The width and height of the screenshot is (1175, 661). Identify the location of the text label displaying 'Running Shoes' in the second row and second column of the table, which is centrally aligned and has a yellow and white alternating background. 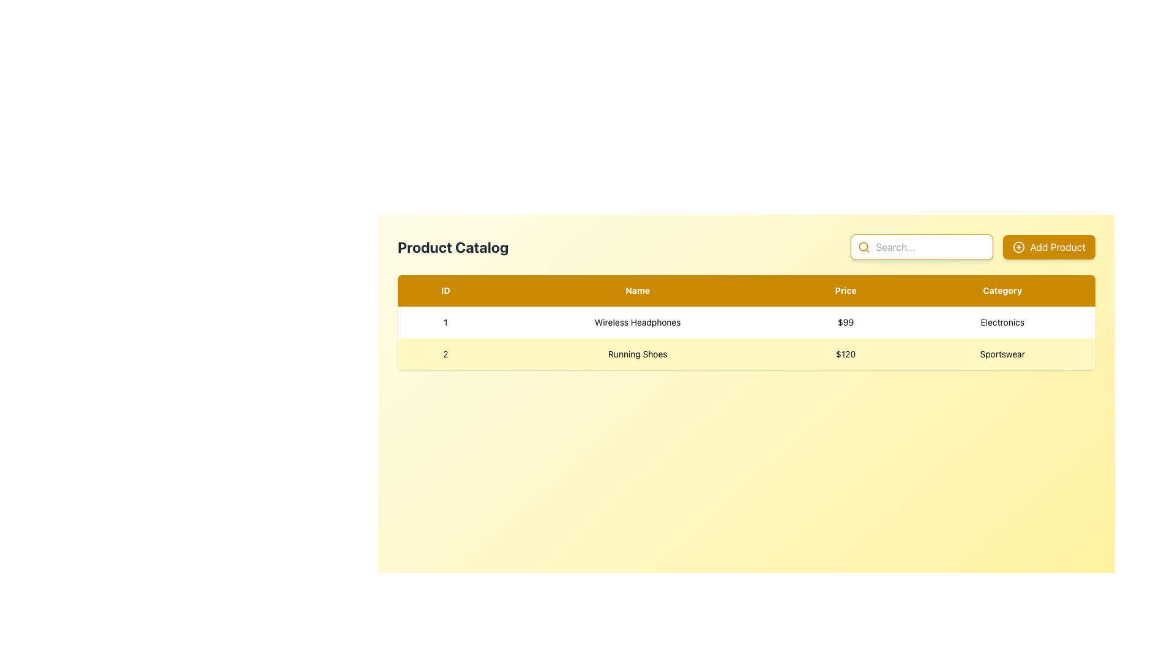
(637, 354).